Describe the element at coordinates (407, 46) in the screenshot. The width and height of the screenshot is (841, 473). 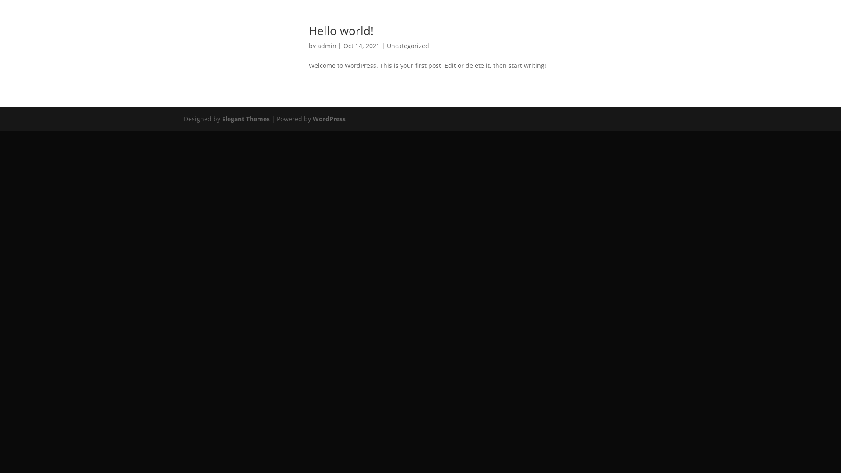
I see `'Uncategorized'` at that location.